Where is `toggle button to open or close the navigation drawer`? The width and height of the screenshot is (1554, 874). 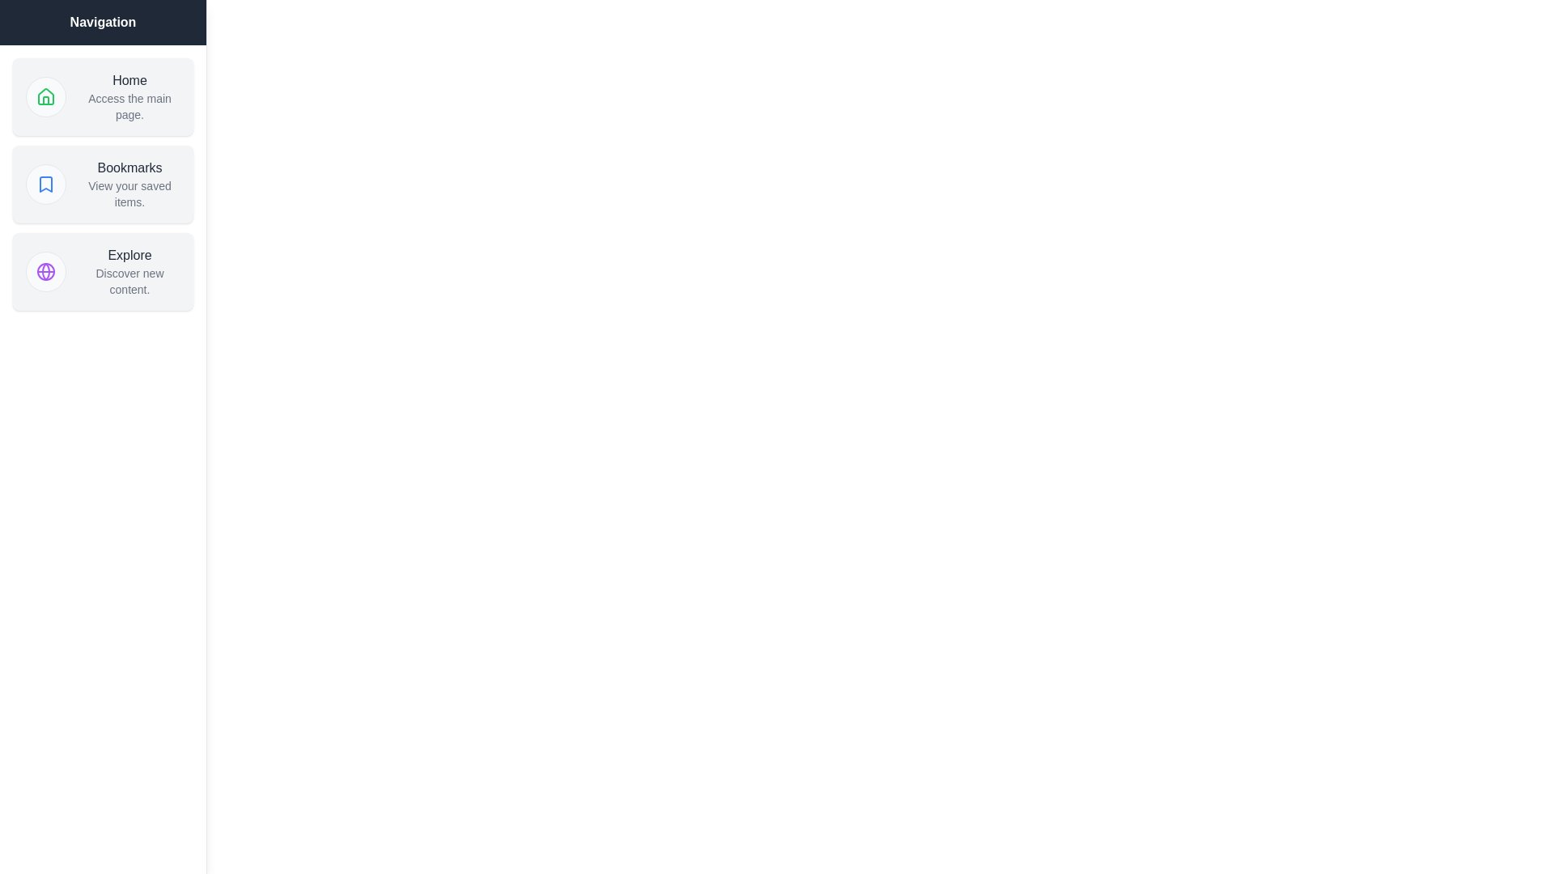 toggle button to open or close the navigation drawer is located at coordinates (32, 32).